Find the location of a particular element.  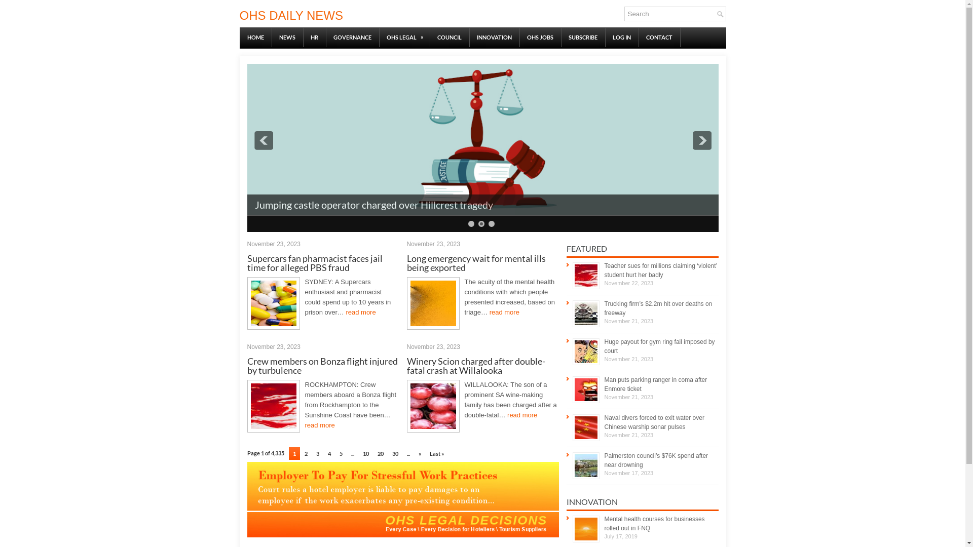

'read more' is located at coordinates (345, 311).